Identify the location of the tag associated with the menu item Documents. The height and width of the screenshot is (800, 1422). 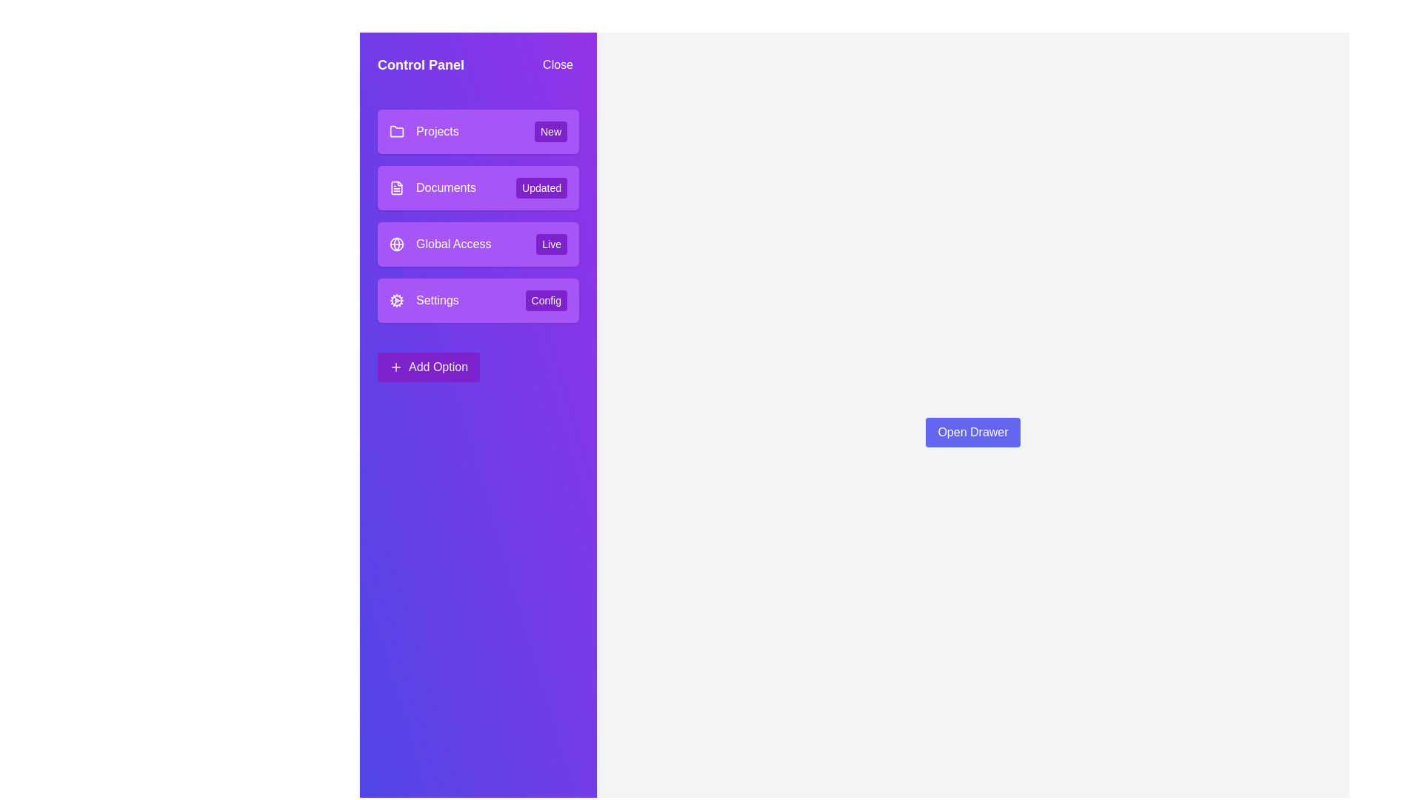
(541, 187).